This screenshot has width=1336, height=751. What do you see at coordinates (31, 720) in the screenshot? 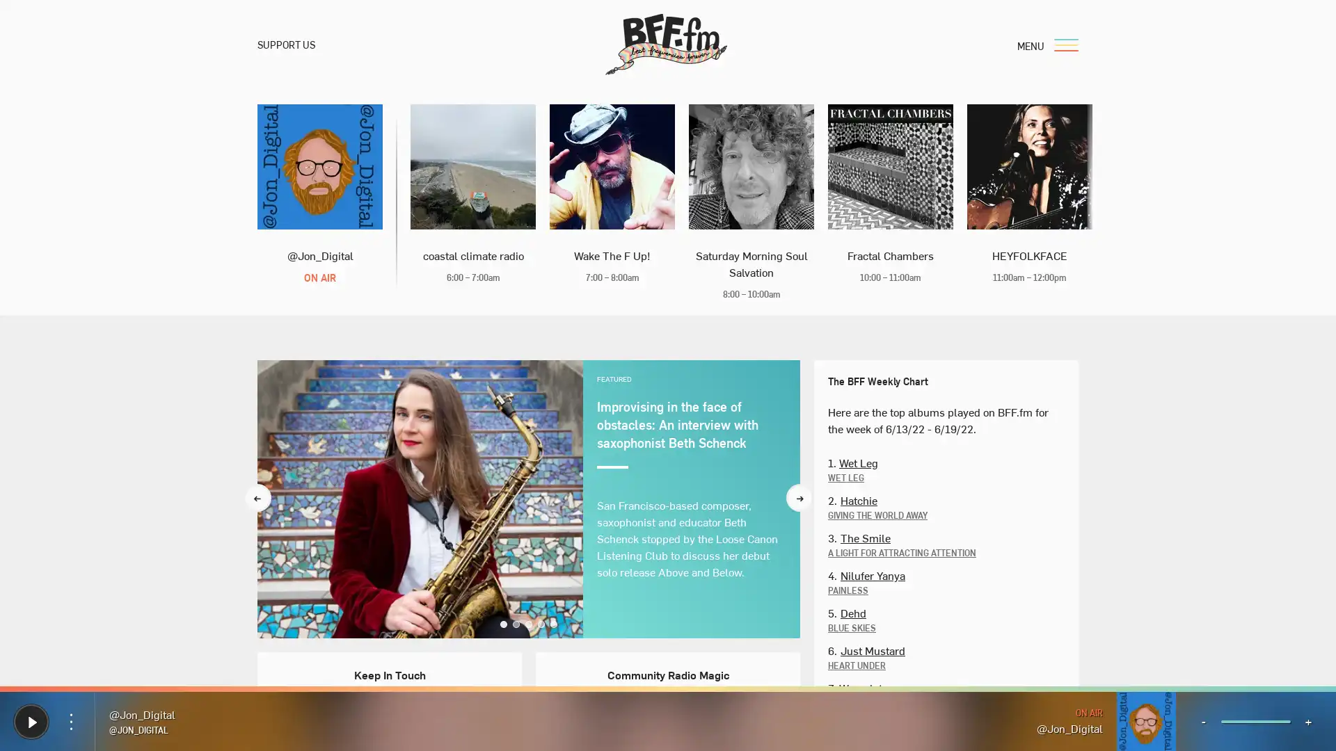
I see `Play` at bounding box center [31, 720].